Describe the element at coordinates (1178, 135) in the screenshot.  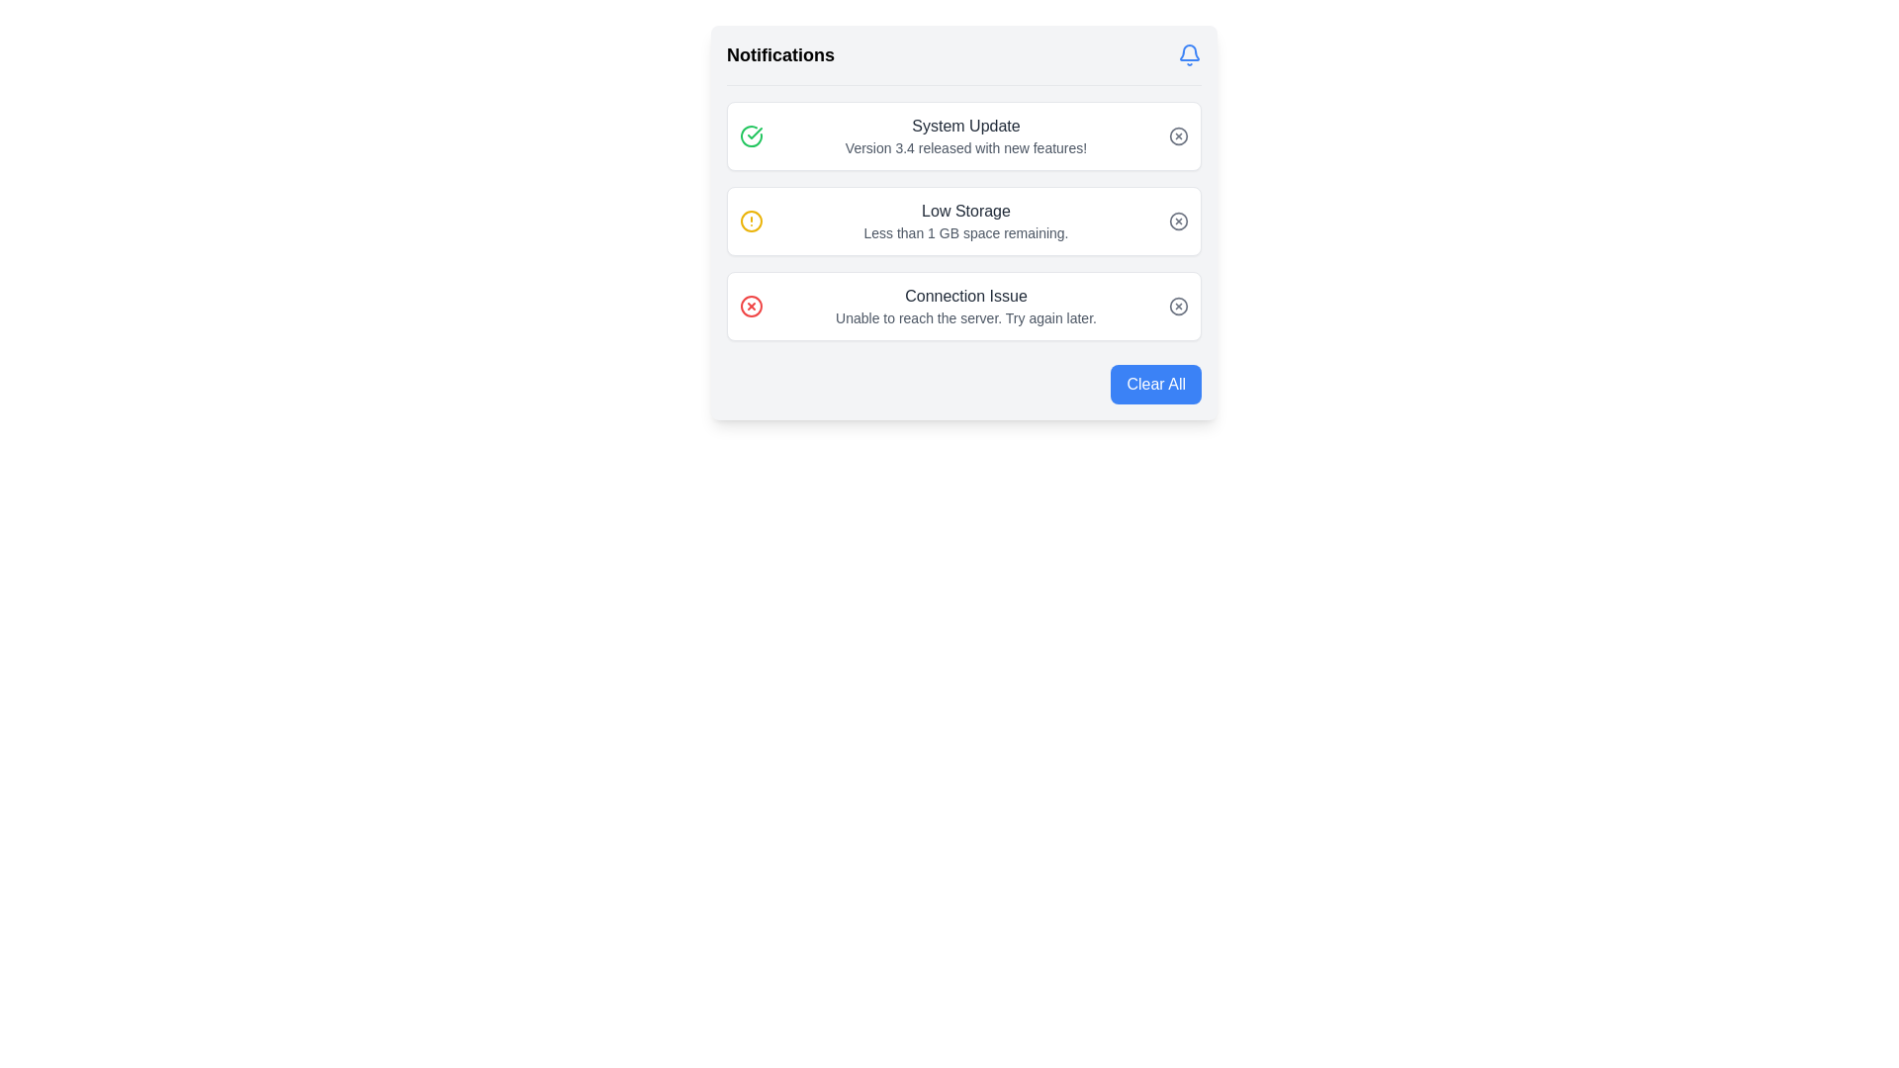
I see `the close button located at the right edge of the 'System Update' notification card` at that location.